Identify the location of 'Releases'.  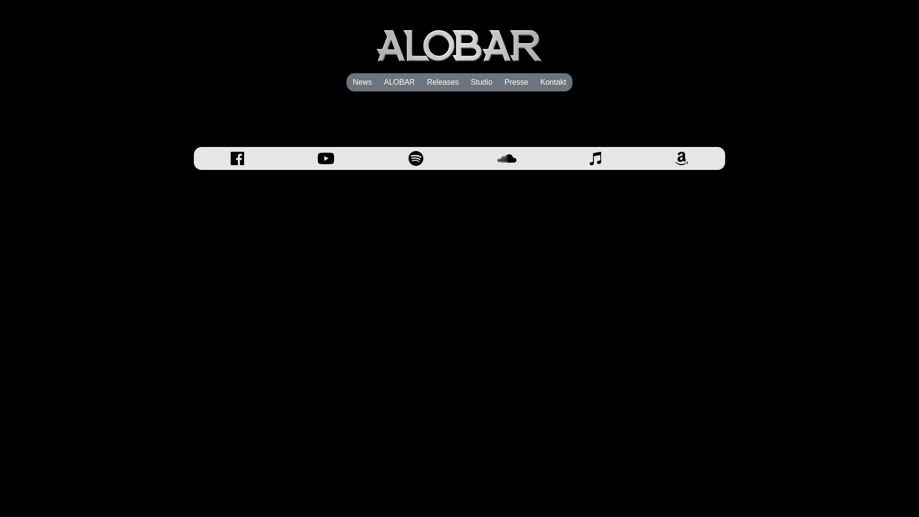
(442, 82).